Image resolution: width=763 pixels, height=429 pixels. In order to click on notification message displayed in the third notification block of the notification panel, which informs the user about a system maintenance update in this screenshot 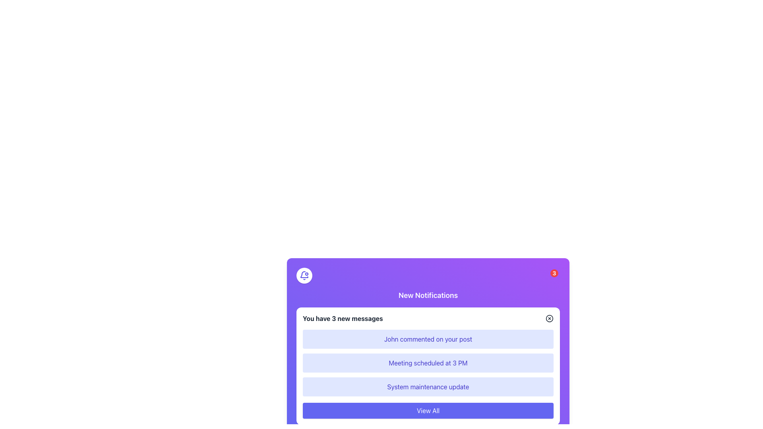, I will do `click(428, 386)`.